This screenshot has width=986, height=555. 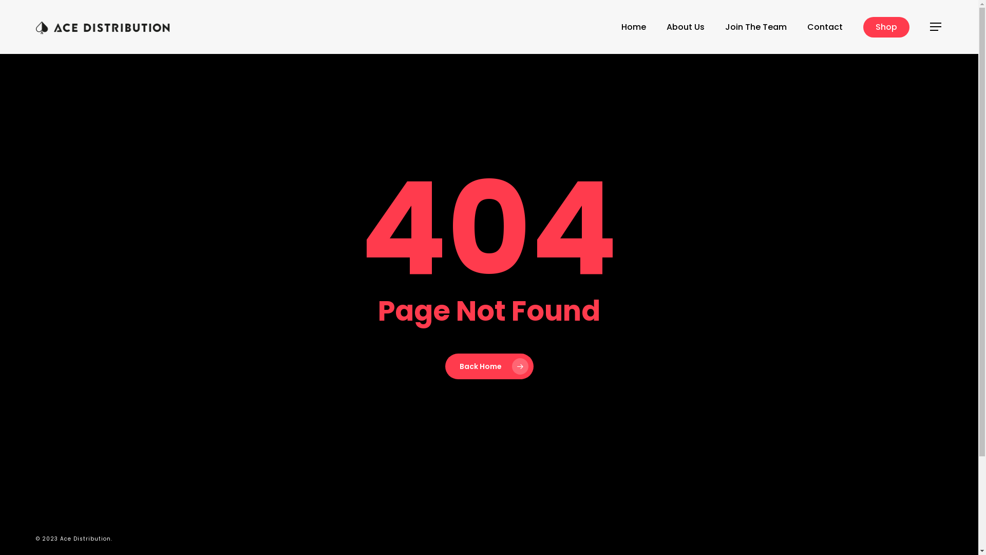 What do you see at coordinates (666, 26) in the screenshot?
I see `'About Us'` at bounding box center [666, 26].